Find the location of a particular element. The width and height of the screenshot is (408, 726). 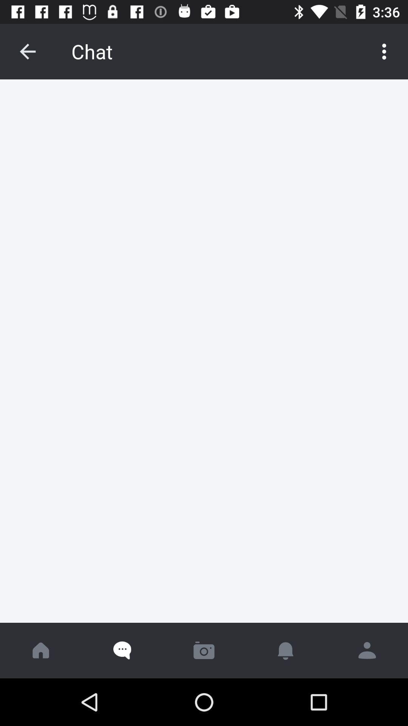

take photo is located at coordinates (204, 650).